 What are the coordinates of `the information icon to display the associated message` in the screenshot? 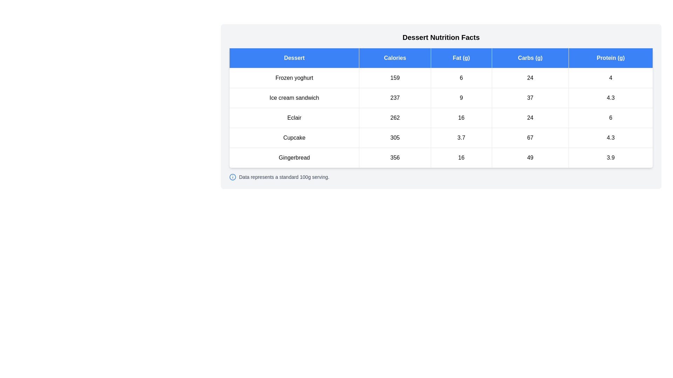 It's located at (232, 176).